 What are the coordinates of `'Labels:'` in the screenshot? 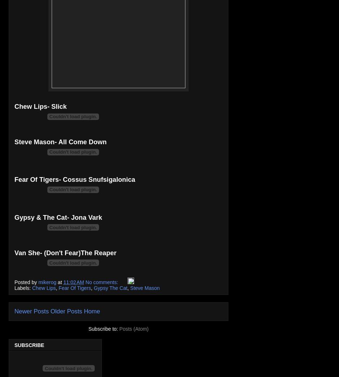 It's located at (23, 287).